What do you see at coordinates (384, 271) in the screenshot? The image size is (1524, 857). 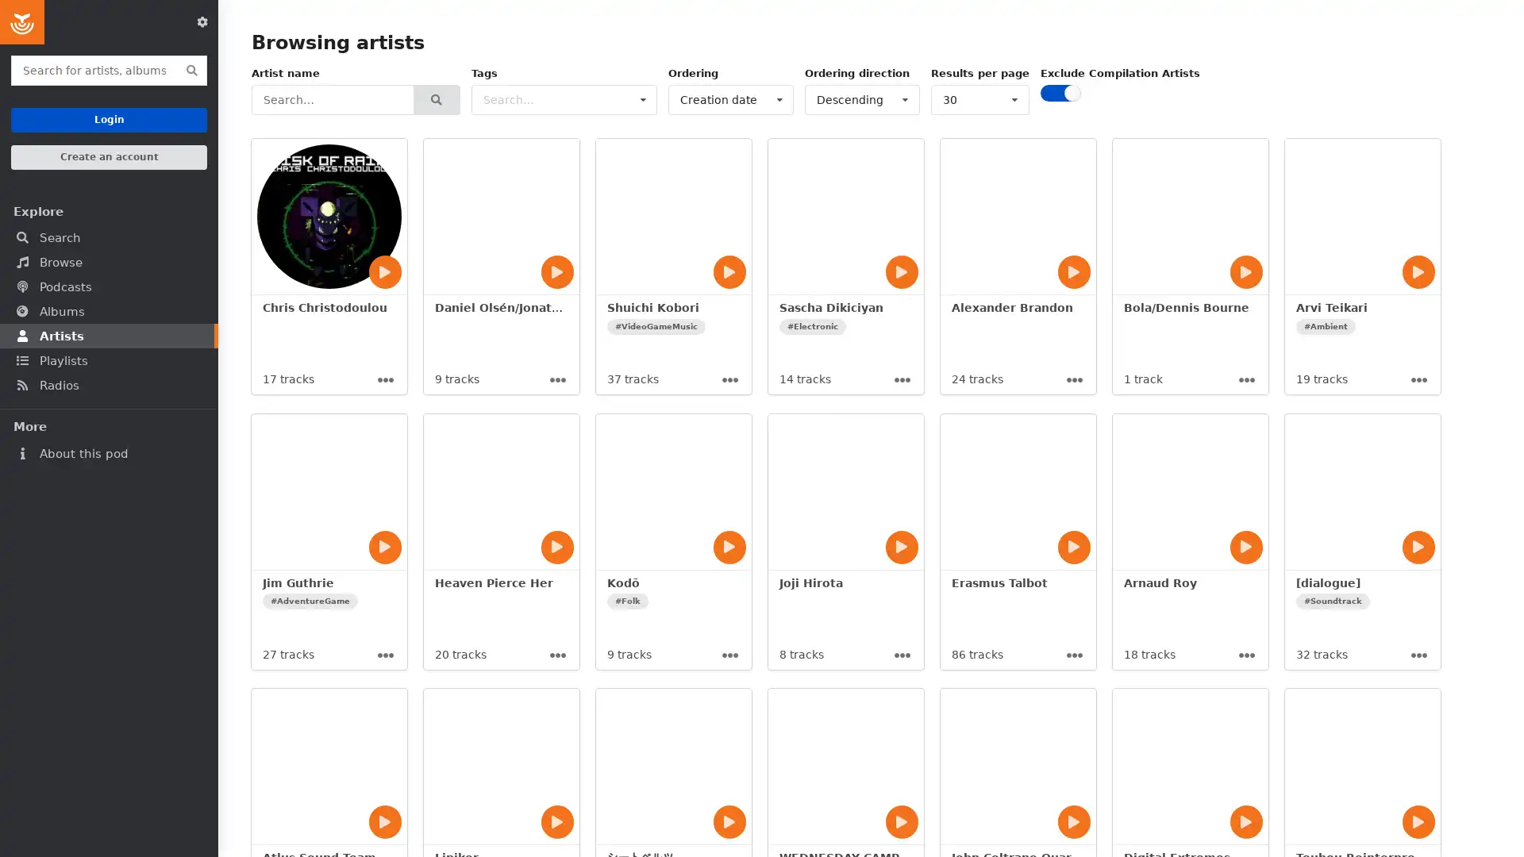 I see `Play artist` at bounding box center [384, 271].